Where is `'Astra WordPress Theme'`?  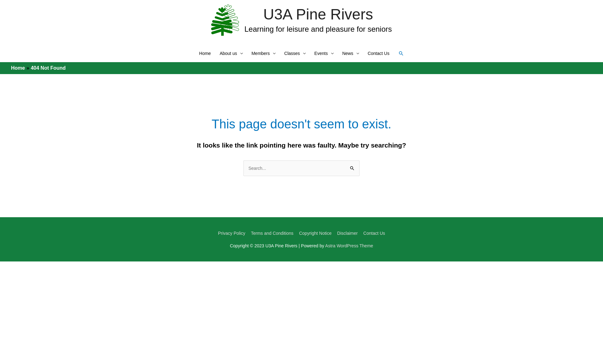 'Astra WordPress Theme' is located at coordinates (349, 245).